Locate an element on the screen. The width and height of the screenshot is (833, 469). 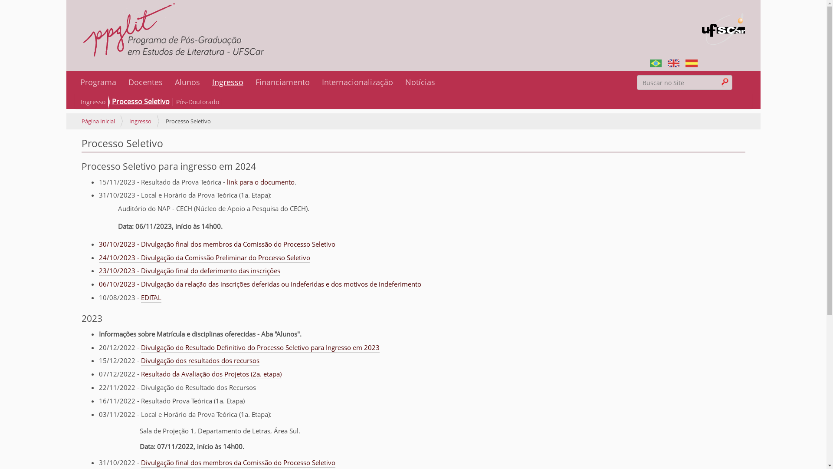
'Docentes' is located at coordinates (145, 82).